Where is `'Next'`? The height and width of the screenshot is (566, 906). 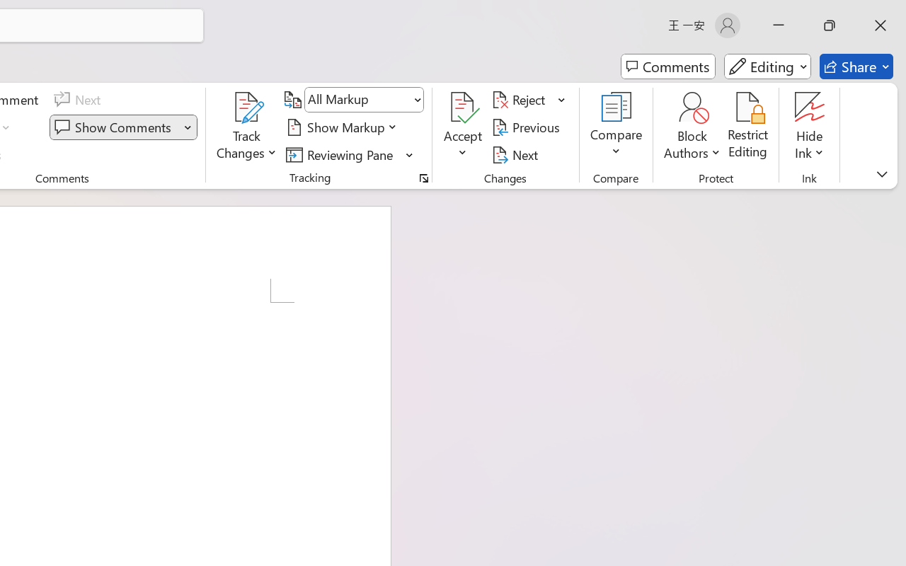 'Next' is located at coordinates (516, 154).